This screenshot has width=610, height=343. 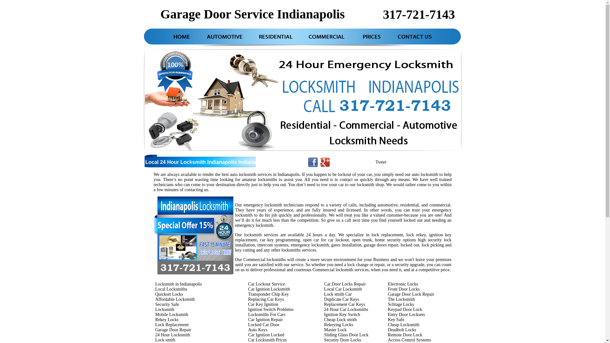 What do you see at coordinates (419, 14) in the screenshot?
I see `'317-721-7143'` at bounding box center [419, 14].